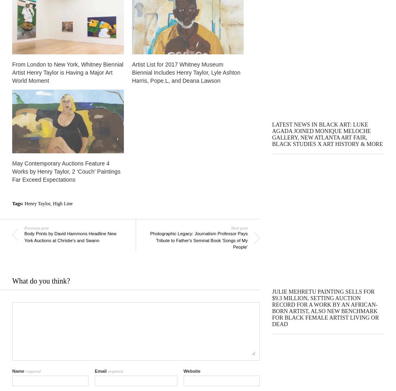  I want to click on 'Julie Mehretu Painting Sells for $9.3 Million, Setting Auction Record For a Work by an African-Born Artist, Also New Benchmark For Black Female Artist Living or Dead', so click(325, 307).